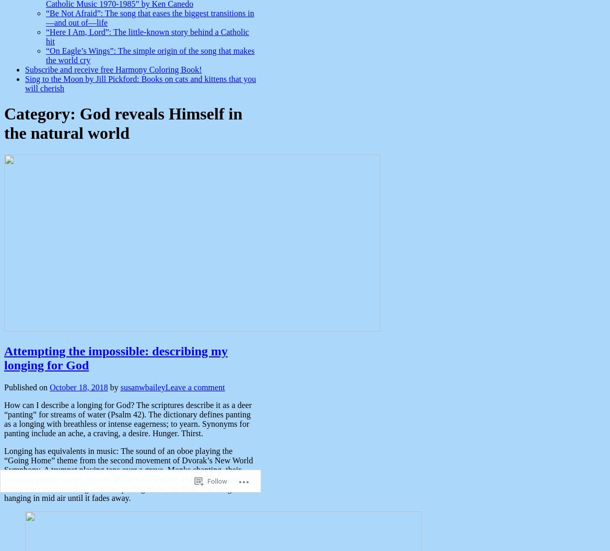 Image resolution: width=610 pixels, height=551 pixels. I want to click on 'susanwbailey', so click(142, 386).